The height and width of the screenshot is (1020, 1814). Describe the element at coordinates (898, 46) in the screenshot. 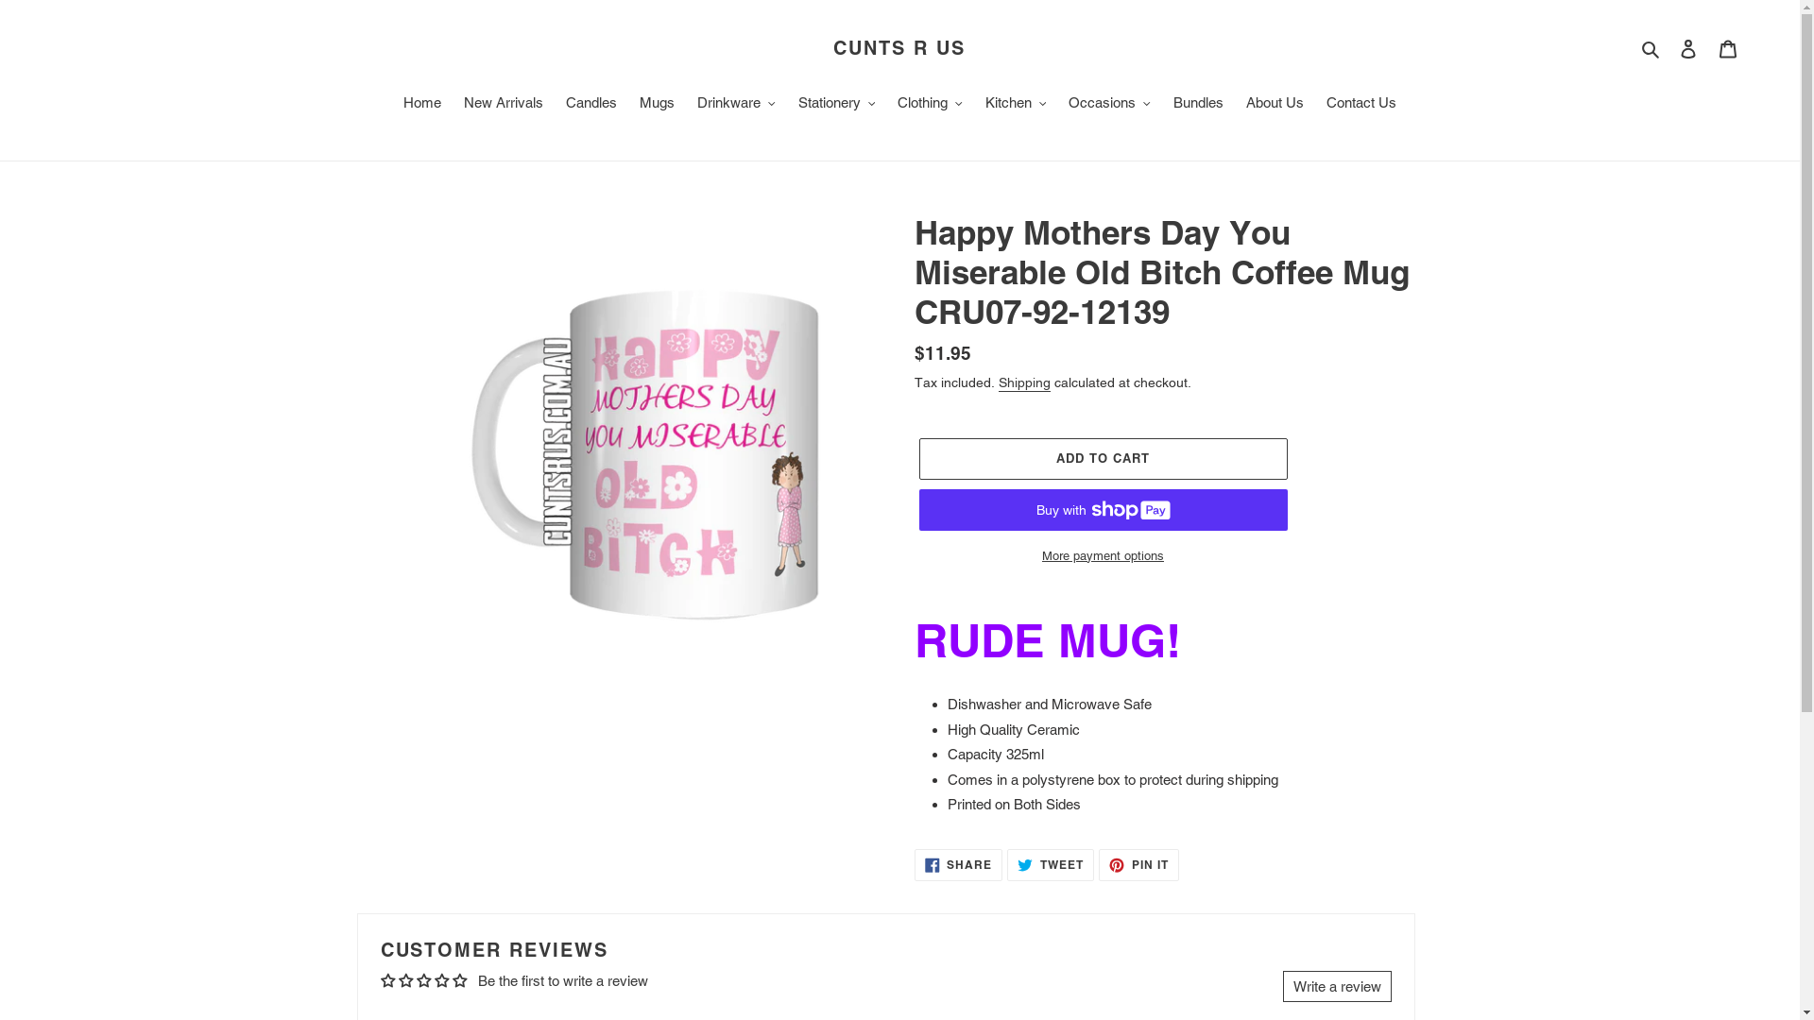

I see `'CUNTS R US'` at that location.